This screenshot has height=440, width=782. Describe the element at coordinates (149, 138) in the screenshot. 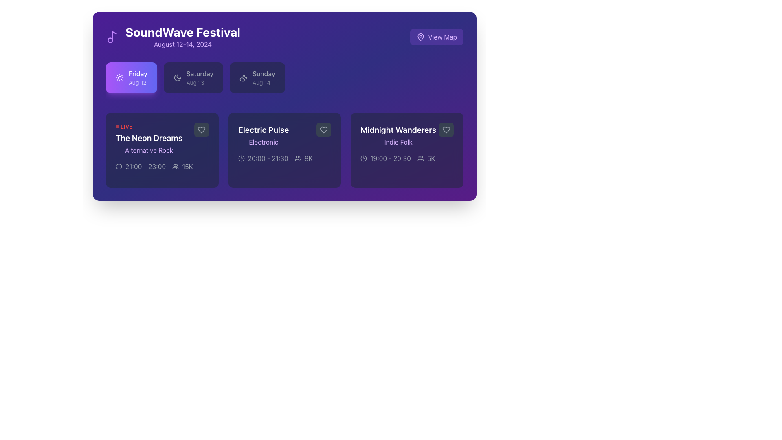

I see `the Label/Text Display showing 'LIVE' in red` at that location.